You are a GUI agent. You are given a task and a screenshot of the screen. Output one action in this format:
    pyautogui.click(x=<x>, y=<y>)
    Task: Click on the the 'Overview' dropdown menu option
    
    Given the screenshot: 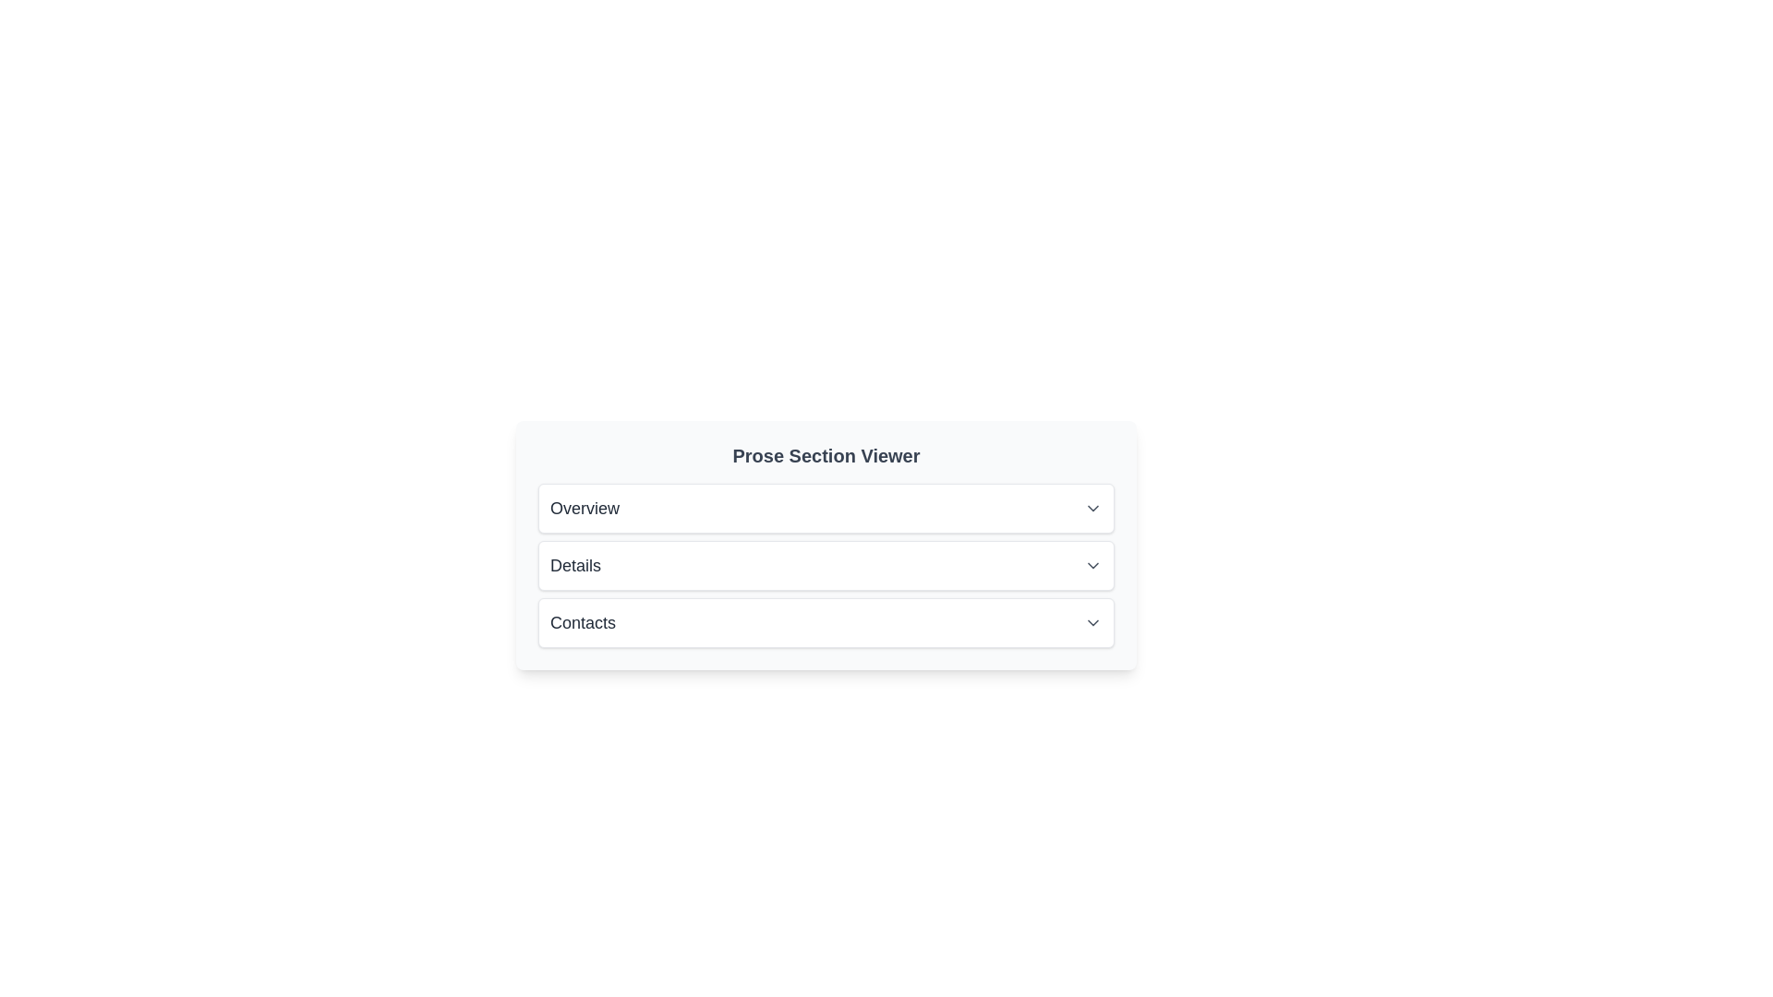 What is the action you would take?
    pyautogui.click(x=825, y=509)
    